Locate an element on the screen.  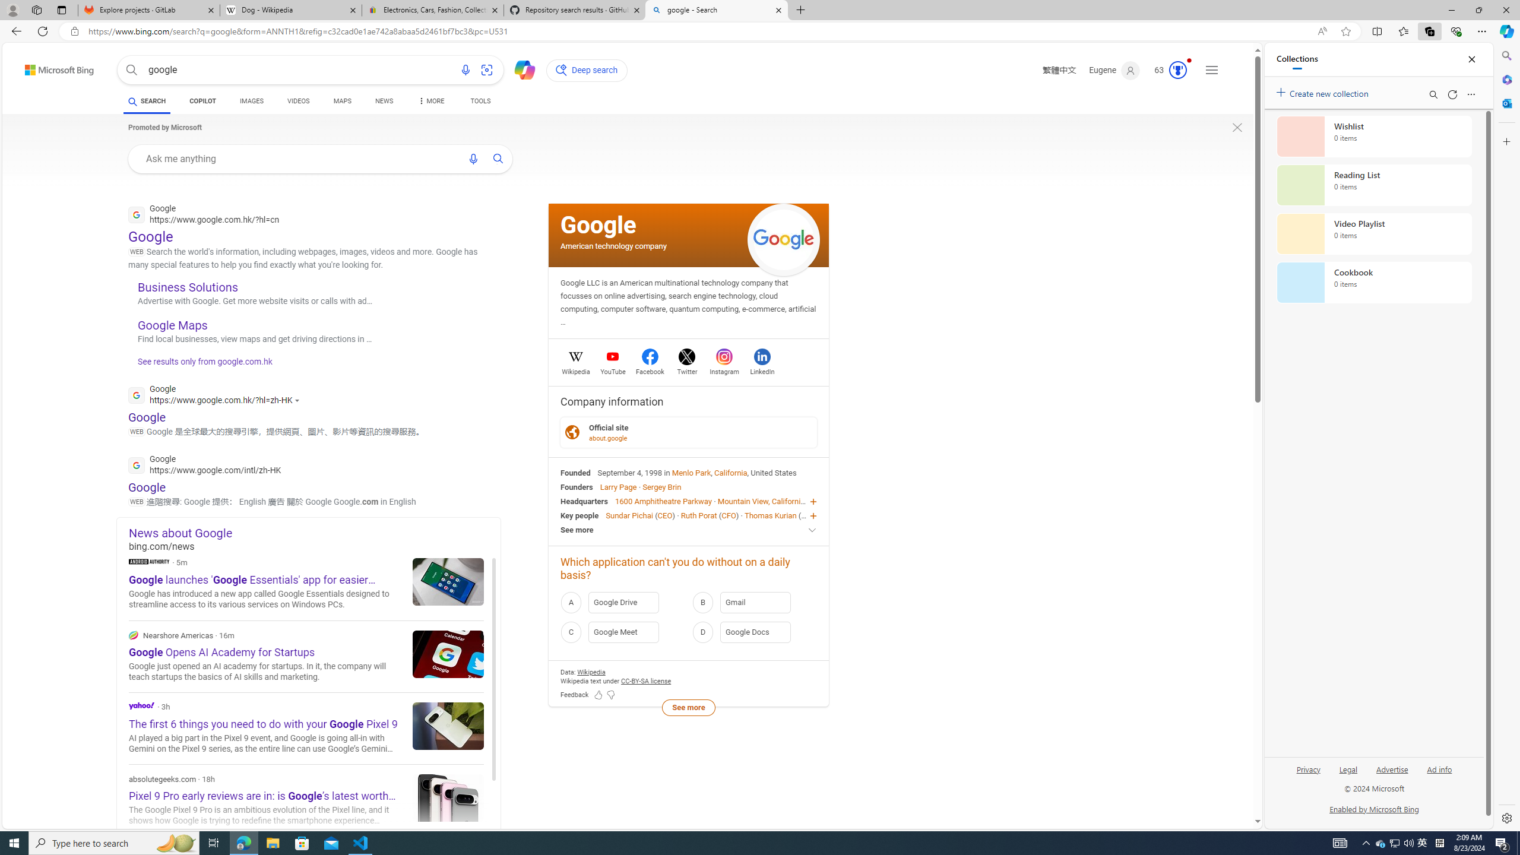
'SEARCH' is located at coordinates (146, 100).